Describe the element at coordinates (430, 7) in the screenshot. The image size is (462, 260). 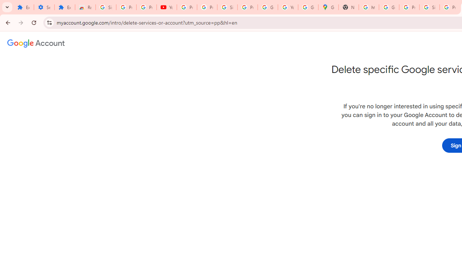
I see `'Sign in - Google Accounts'` at that location.